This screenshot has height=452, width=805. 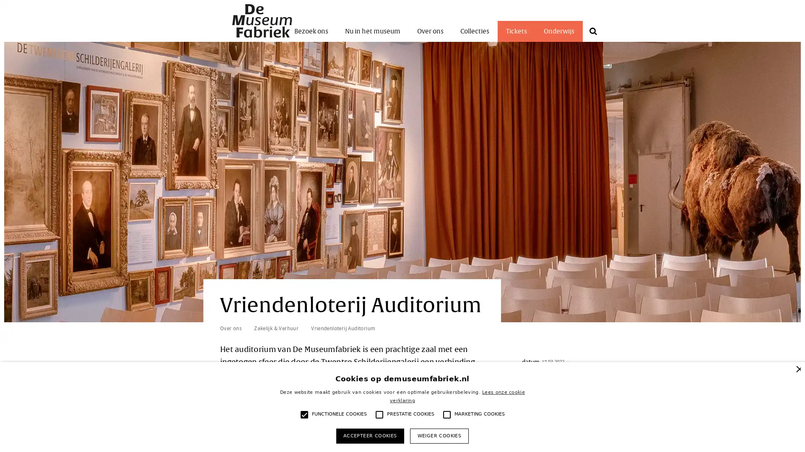 I want to click on WEIGER COOKIES, so click(x=439, y=435).